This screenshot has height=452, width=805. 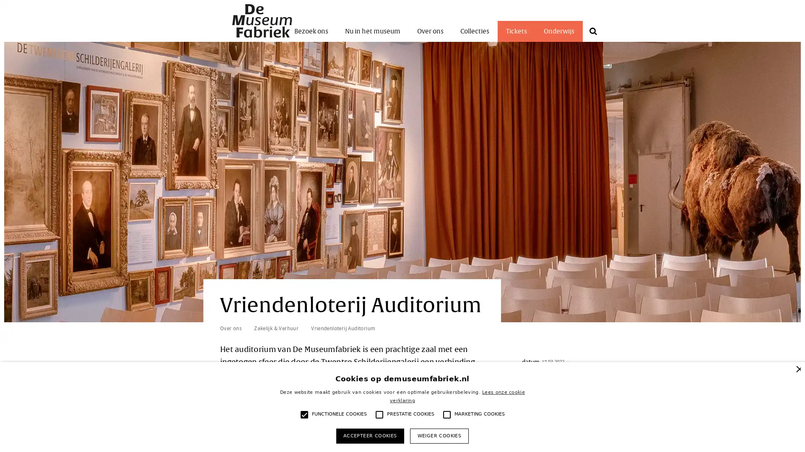 I want to click on WEIGER COOKIES, so click(x=439, y=435).